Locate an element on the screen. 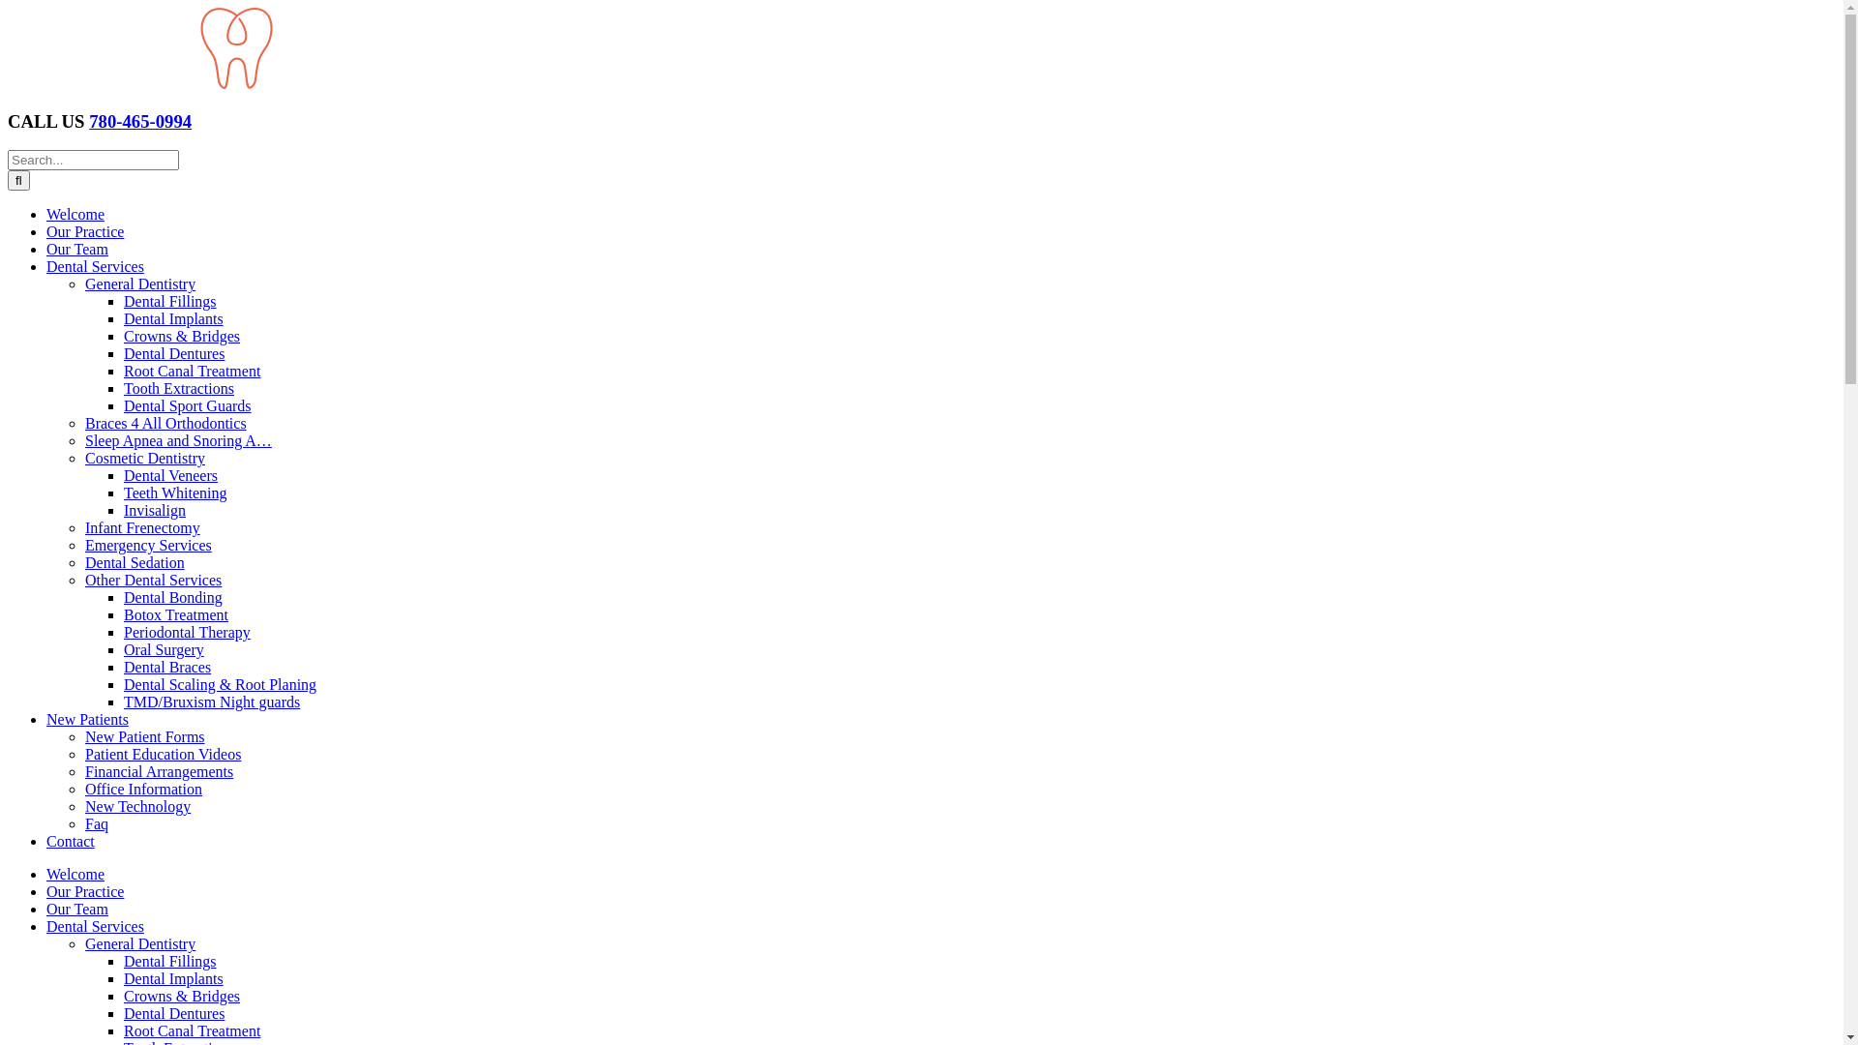 The width and height of the screenshot is (1858, 1045). 'Braces 4 All Orthodontics' is located at coordinates (165, 422).